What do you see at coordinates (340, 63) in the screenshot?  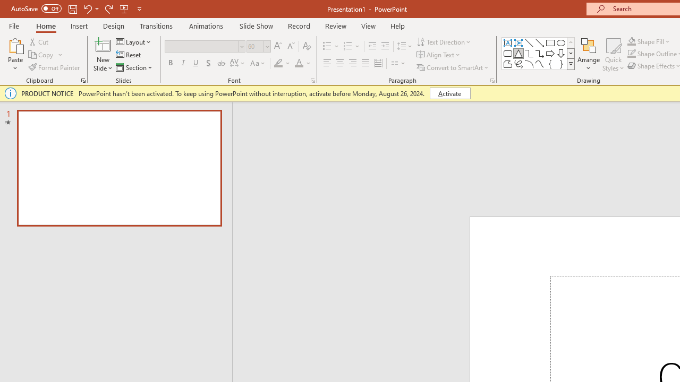 I see `'Center'` at bounding box center [340, 63].